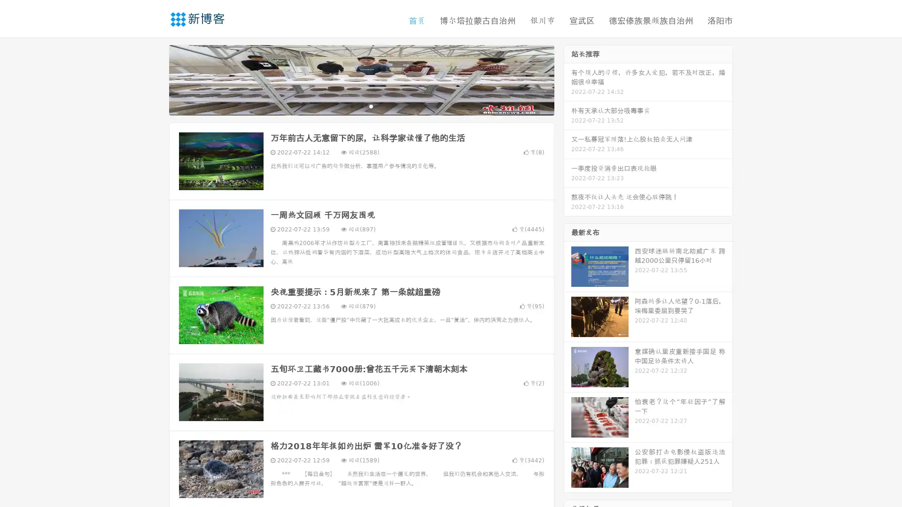 This screenshot has height=507, width=902. I want to click on Go to slide 2, so click(361, 106).